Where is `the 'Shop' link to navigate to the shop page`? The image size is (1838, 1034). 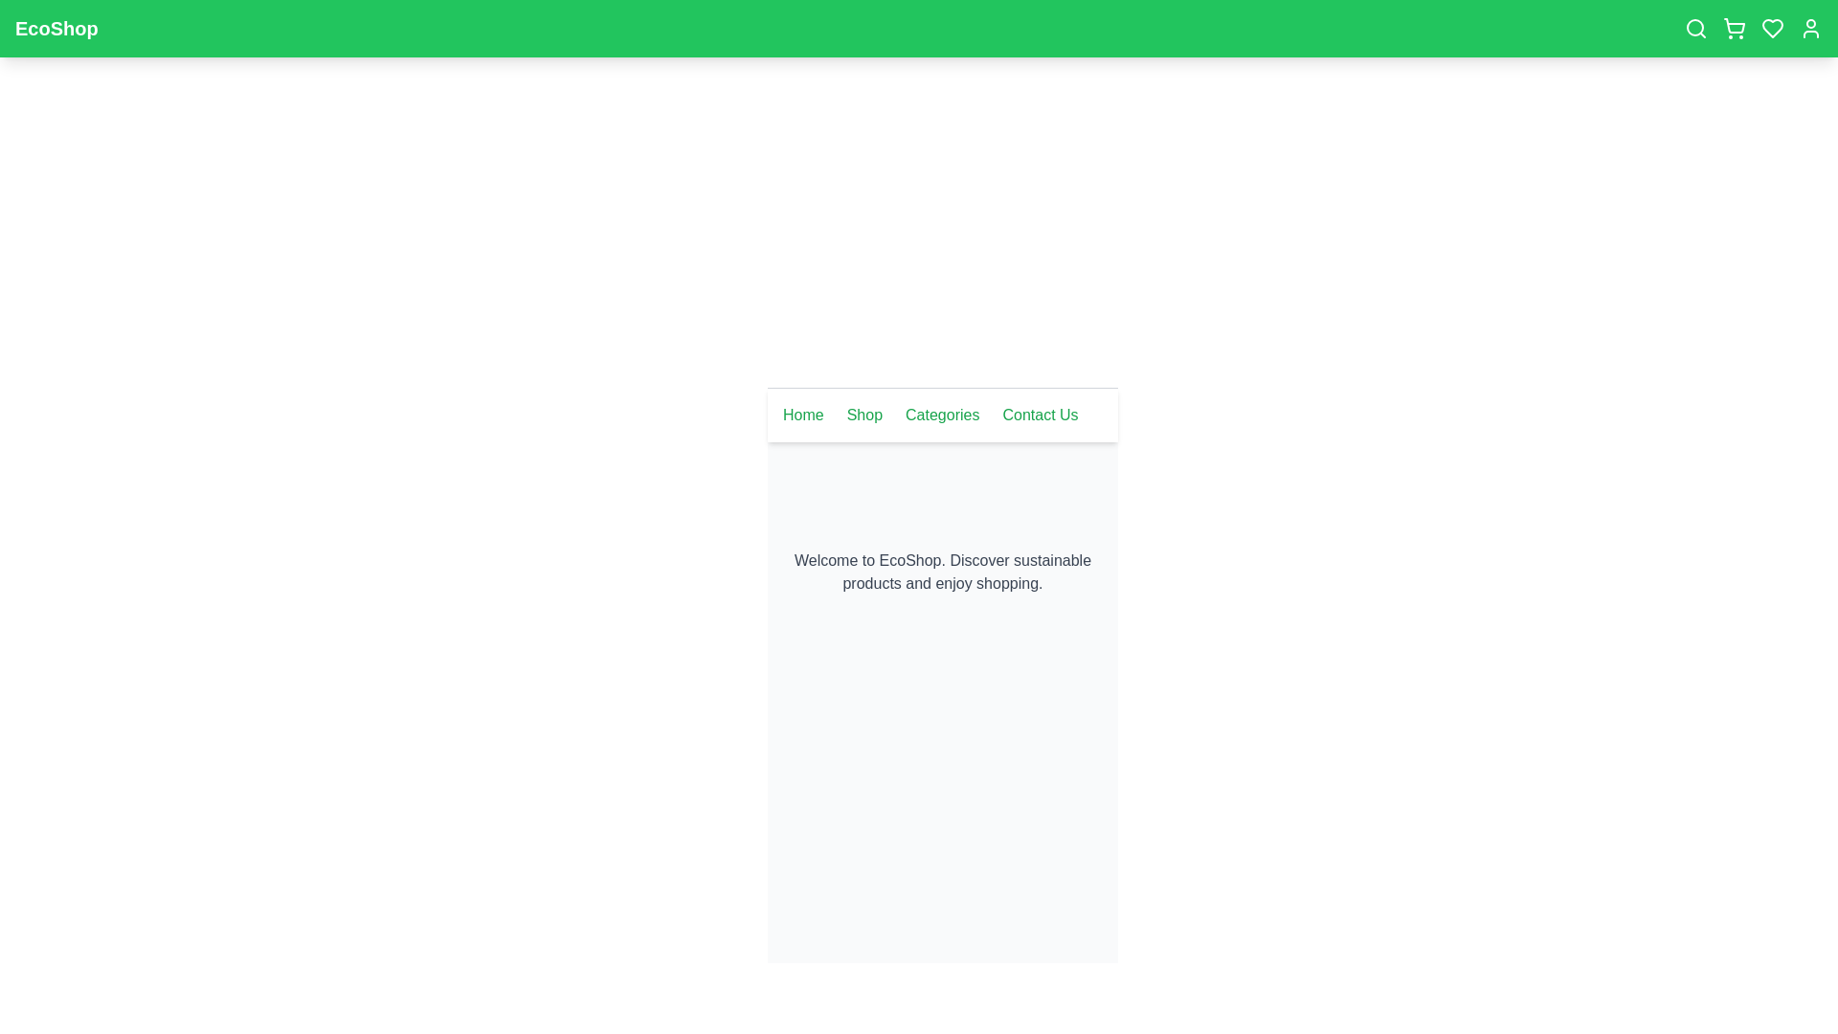 the 'Shop' link to navigate to the shop page is located at coordinates (863, 415).